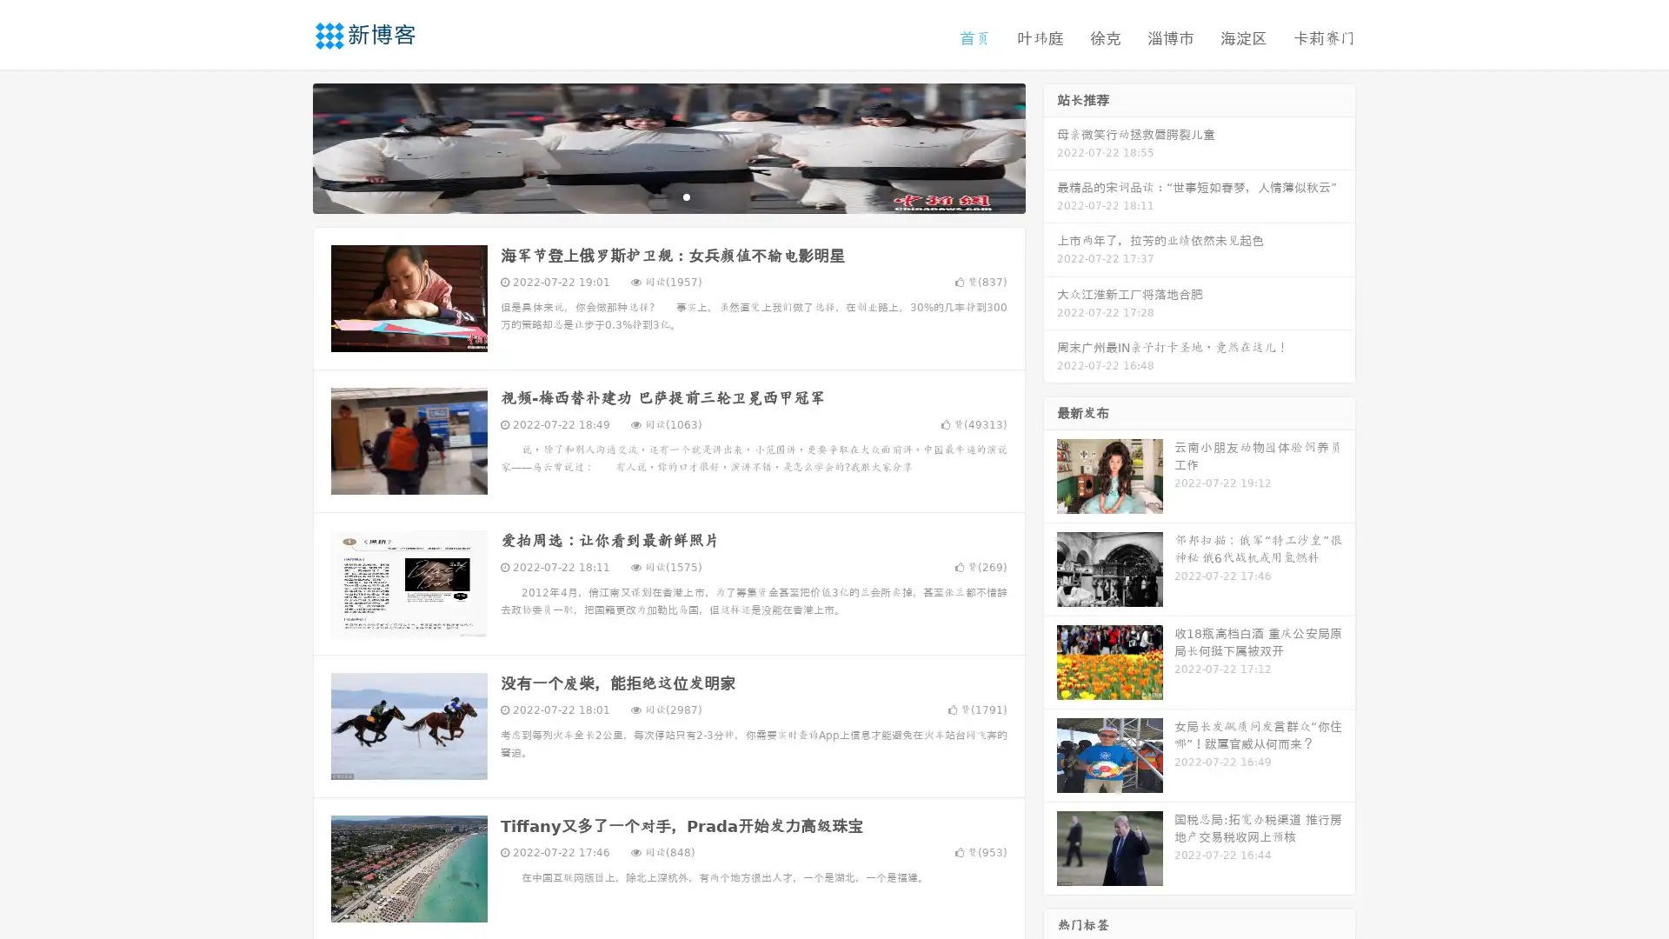 The height and width of the screenshot is (939, 1669). I want to click on Go to slide 1, so click(650, 196).